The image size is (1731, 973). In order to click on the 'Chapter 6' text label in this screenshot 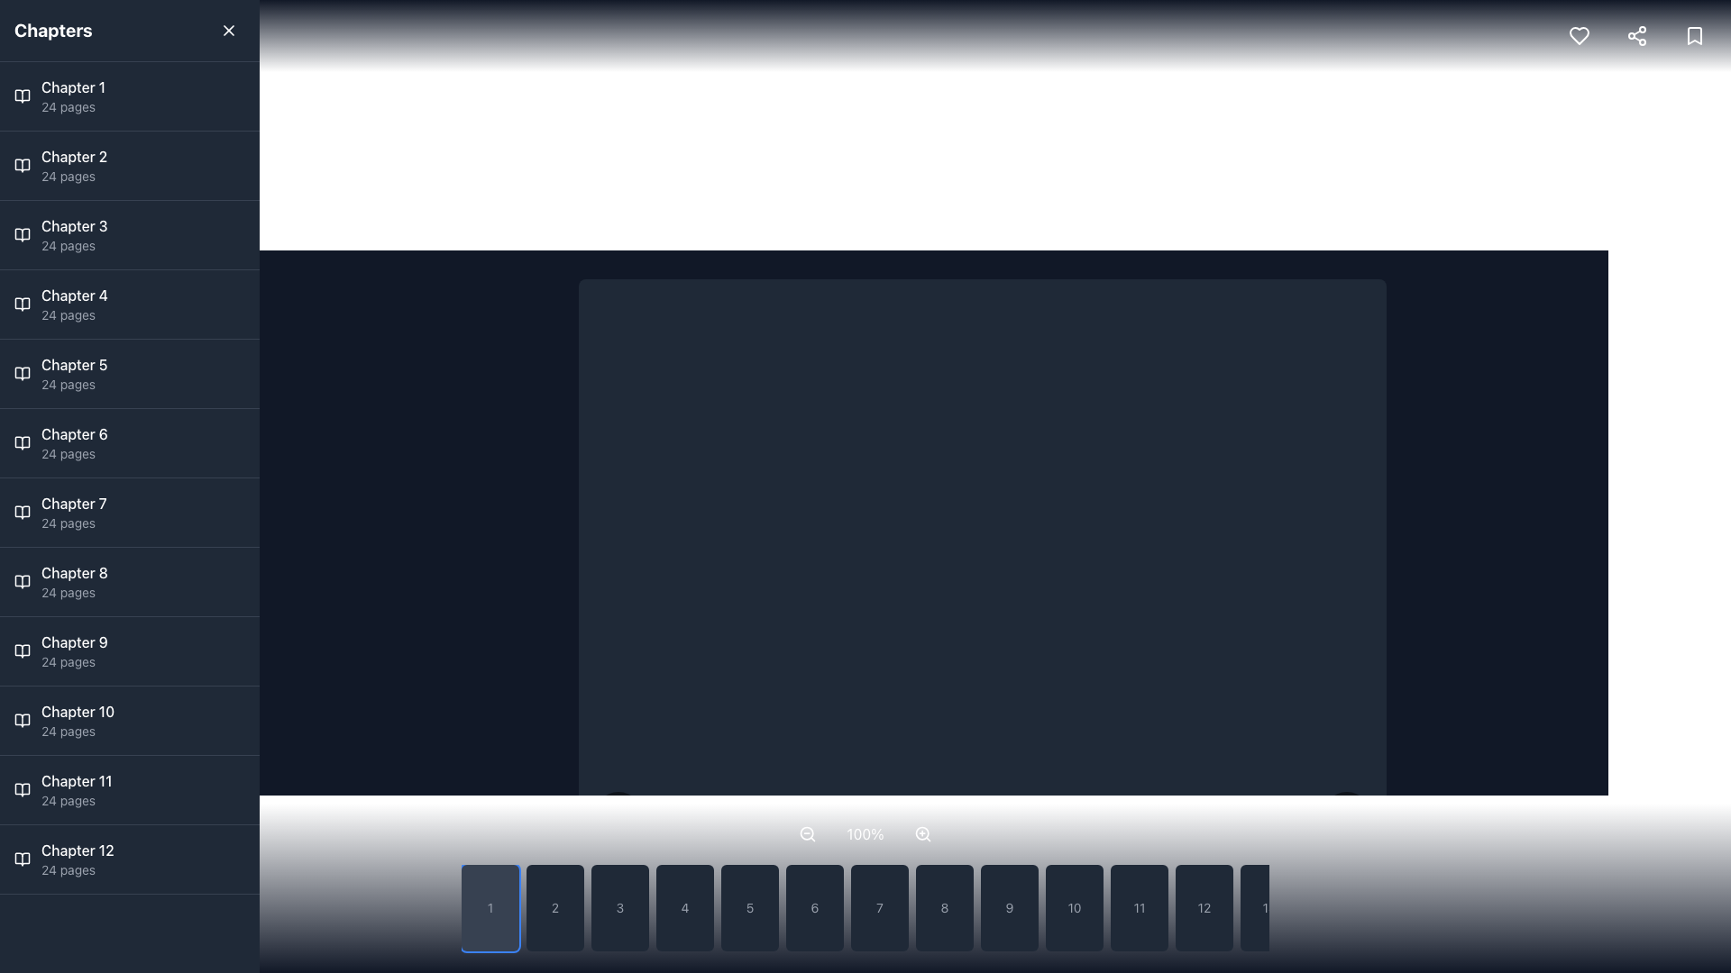, I will do `click(73, 434)`.